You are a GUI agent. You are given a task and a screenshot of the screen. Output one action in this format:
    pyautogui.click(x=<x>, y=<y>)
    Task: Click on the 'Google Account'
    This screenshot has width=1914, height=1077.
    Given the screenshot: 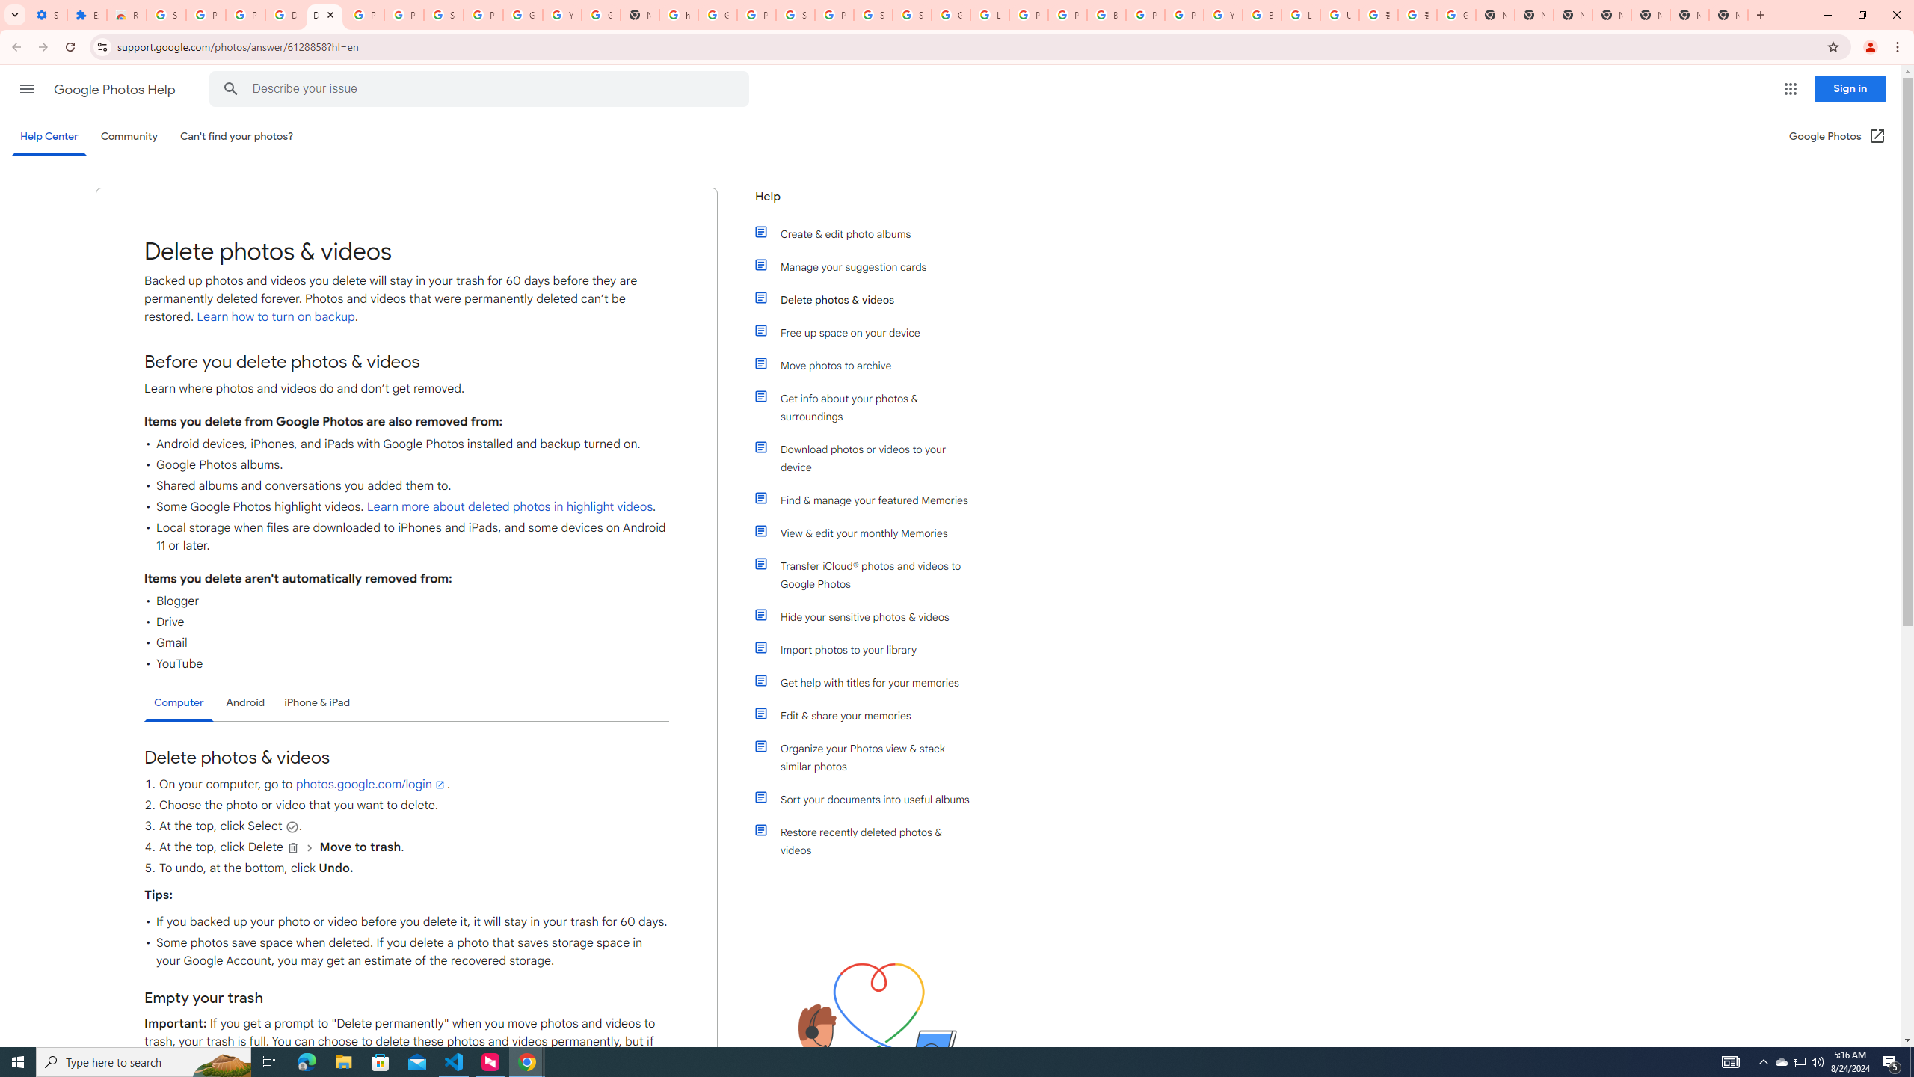 What is the action you would take?
    pyautogui.click(x=521, y=14)
    